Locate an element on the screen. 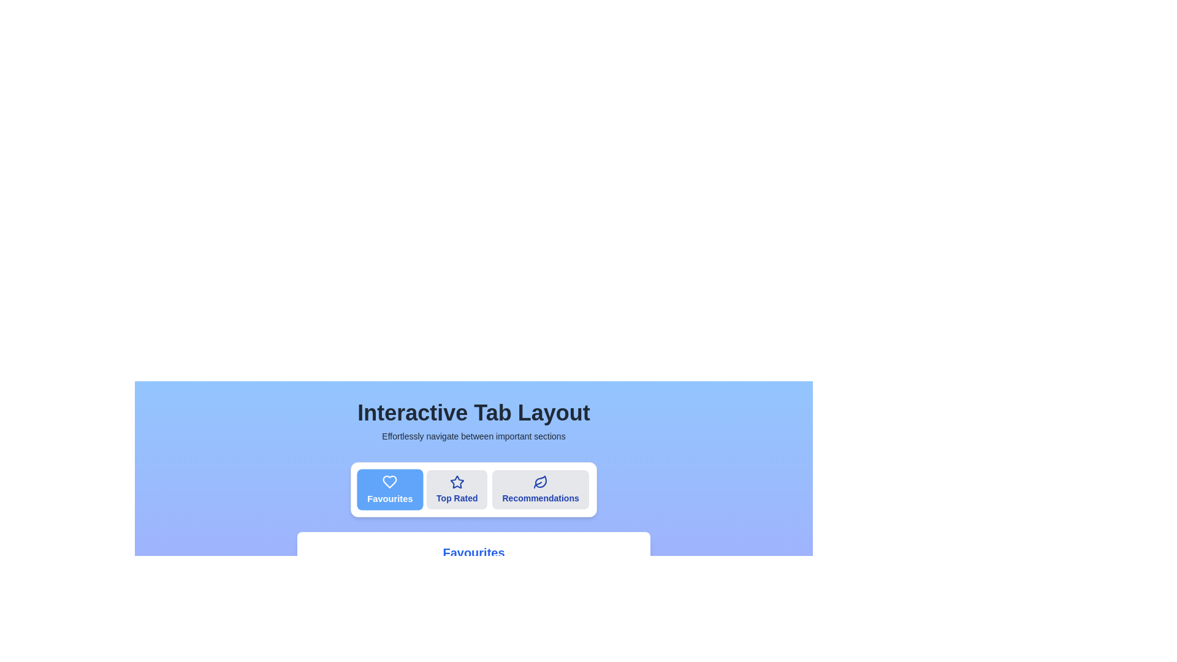 The image size is (1177, 662). the tab labeled Favourites to switch to the corresponding section is located at coordinates (389, 489).